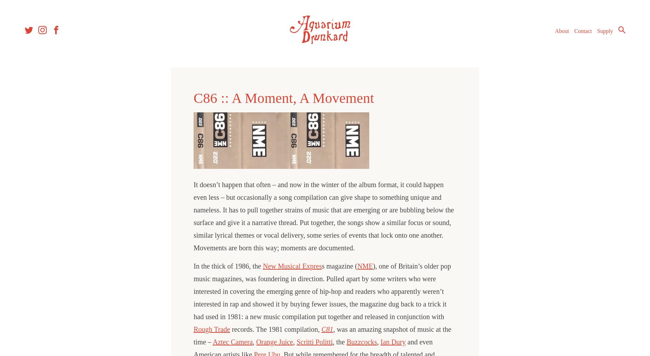 The width and height of the screenshot is (650, 356). Describe the element at coordinates (275, 329) in the screenshot. I see `'records.  The 1981 compilation,'` at that location.